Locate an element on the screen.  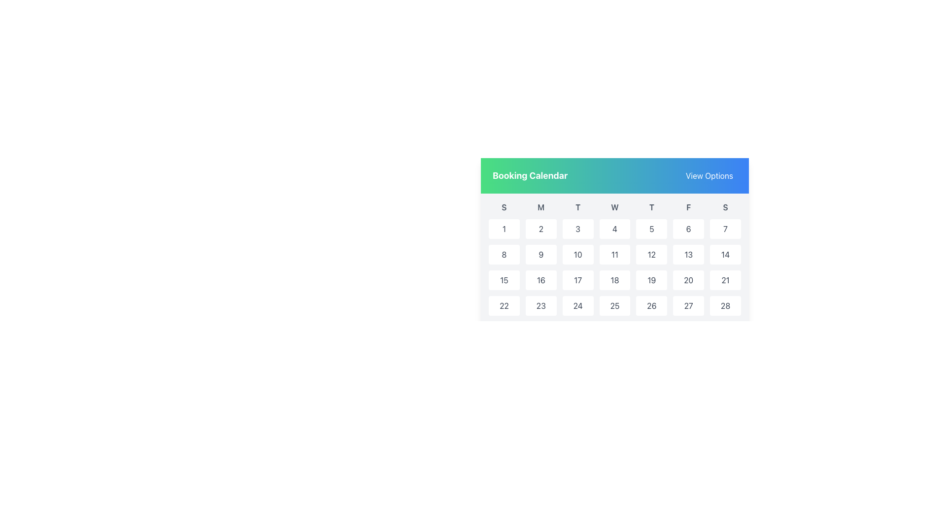
the text label indicating 'Tuesday' in the weekly layout calendar, located in the third column of the first row is located at coordinates (578, 206).